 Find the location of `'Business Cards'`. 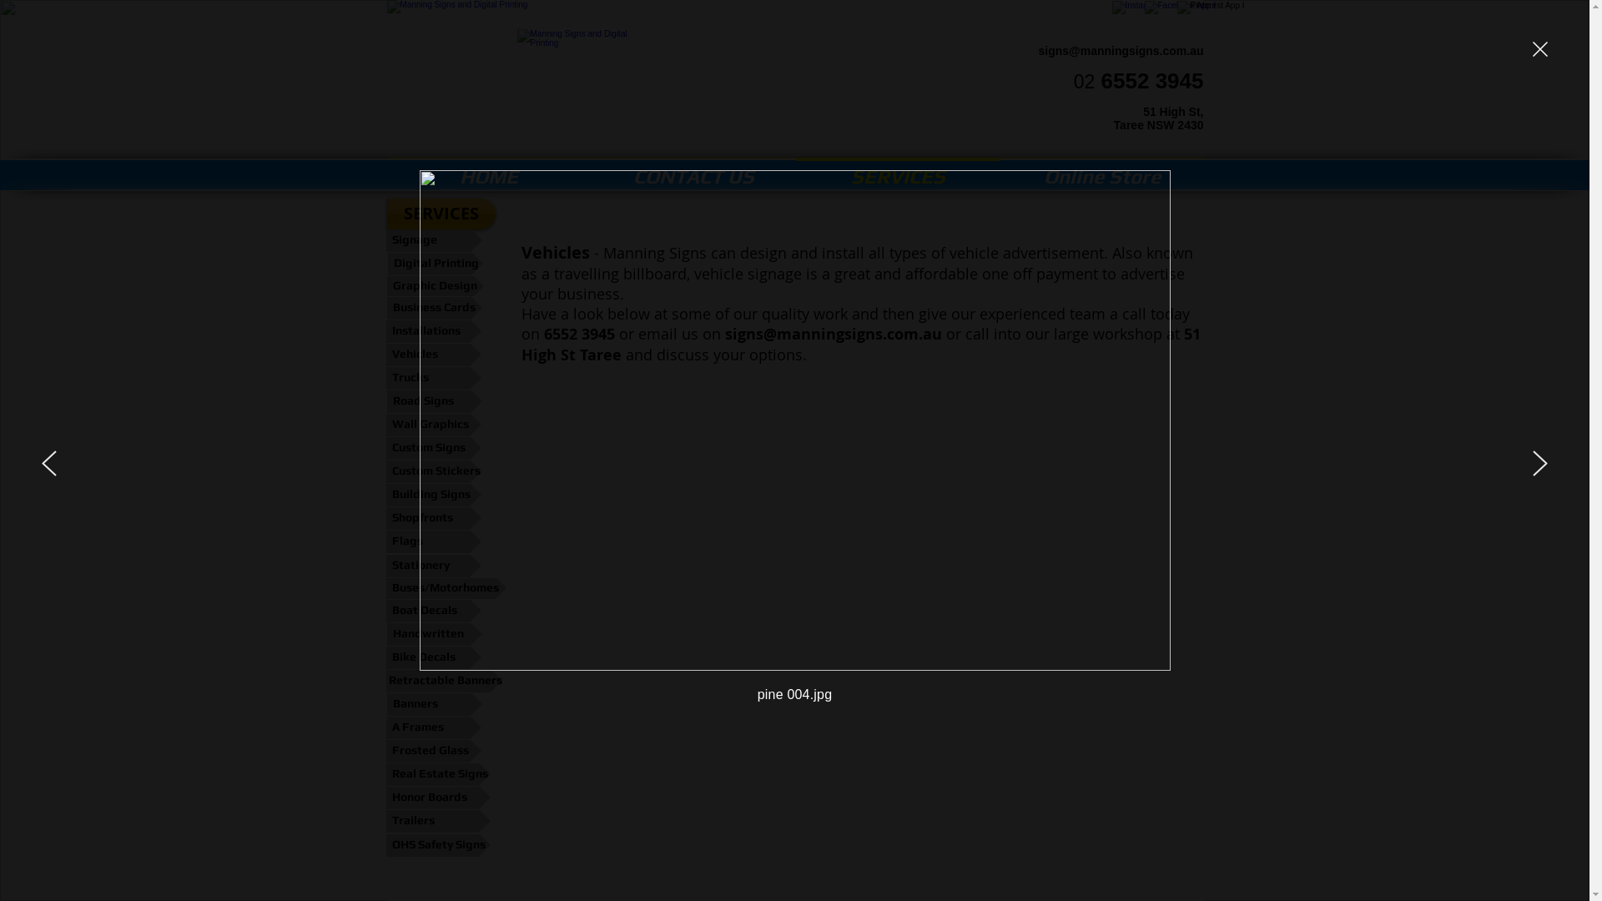

'Business Cards' is located at coordinates (386, 308).